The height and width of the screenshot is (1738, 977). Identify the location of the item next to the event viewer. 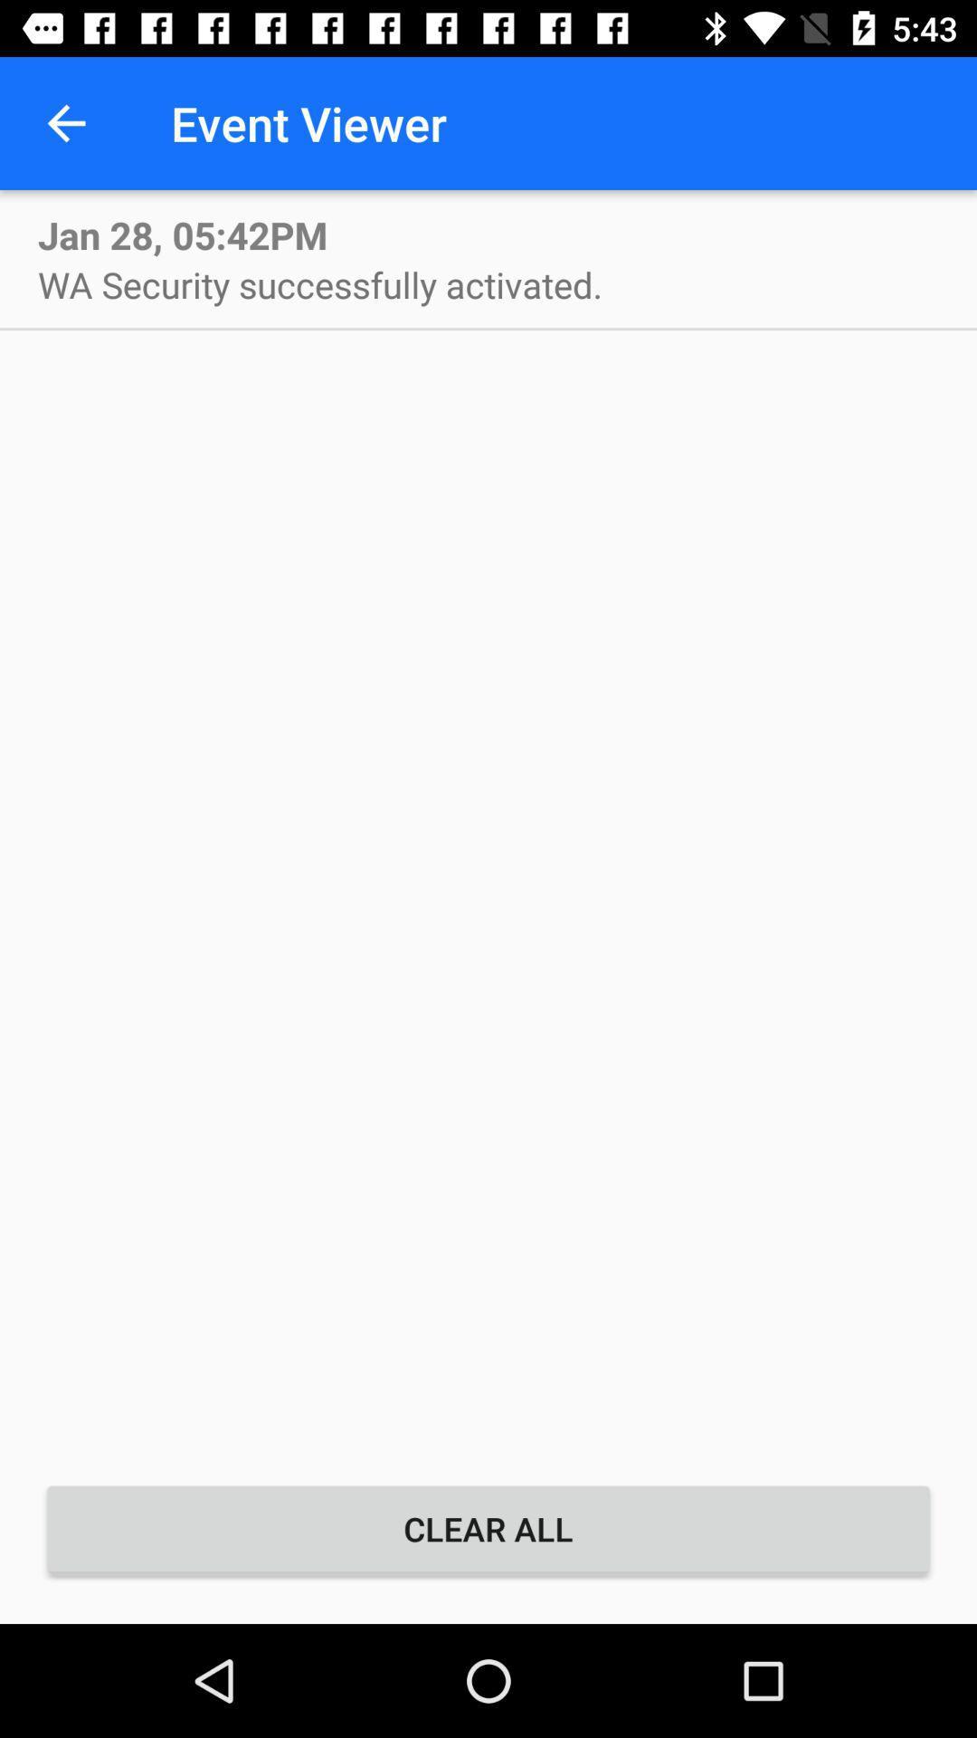
(65, 122).